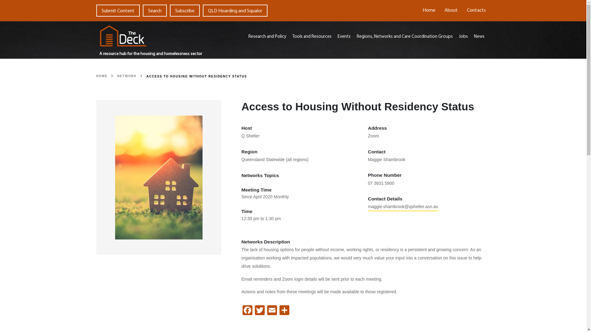  I want to click on 'Jobs', so click(456, 37).